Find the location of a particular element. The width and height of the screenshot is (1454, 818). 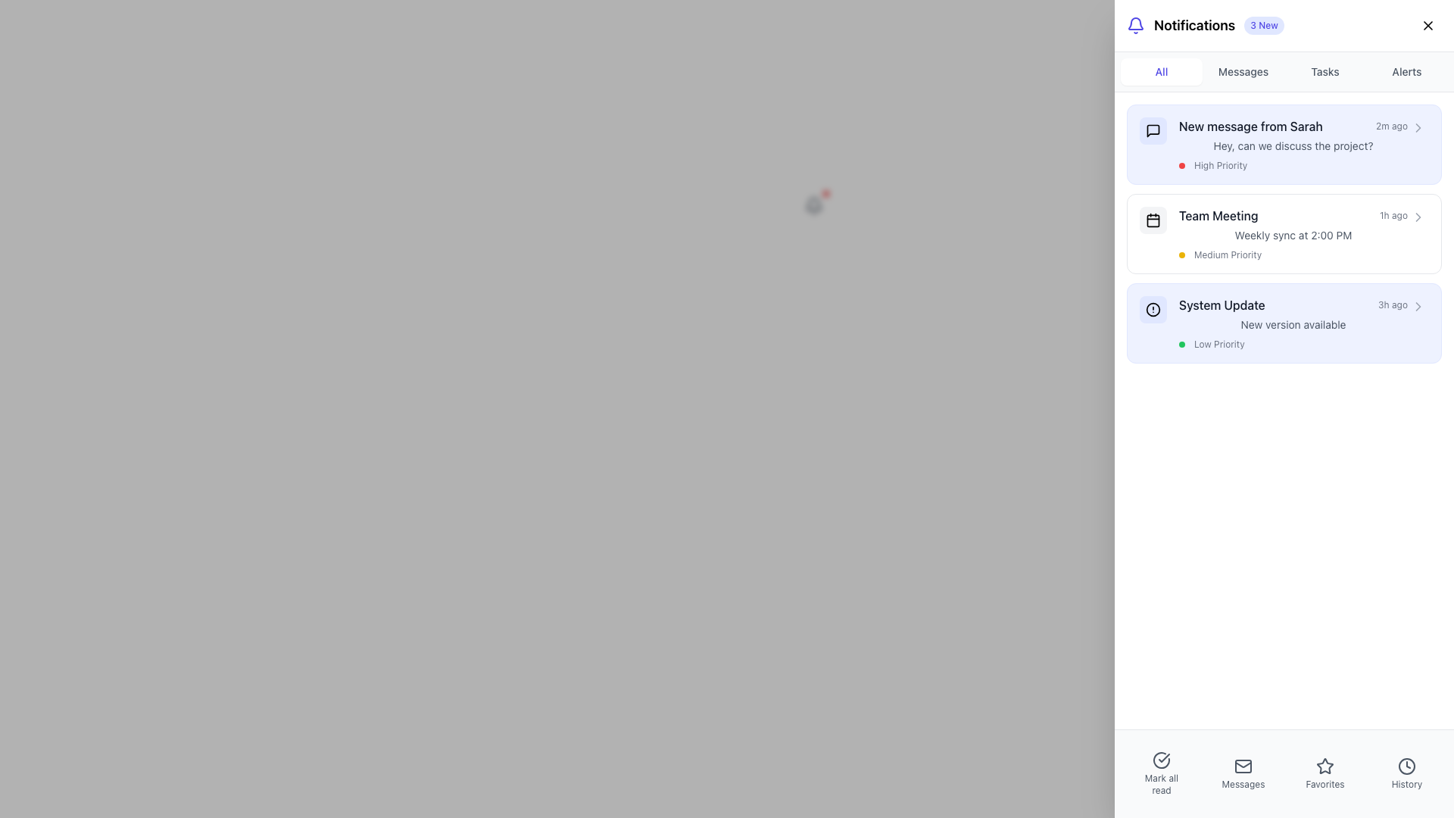

the first notification card in the right-side notification panel is located at coordinates (1283, 145).